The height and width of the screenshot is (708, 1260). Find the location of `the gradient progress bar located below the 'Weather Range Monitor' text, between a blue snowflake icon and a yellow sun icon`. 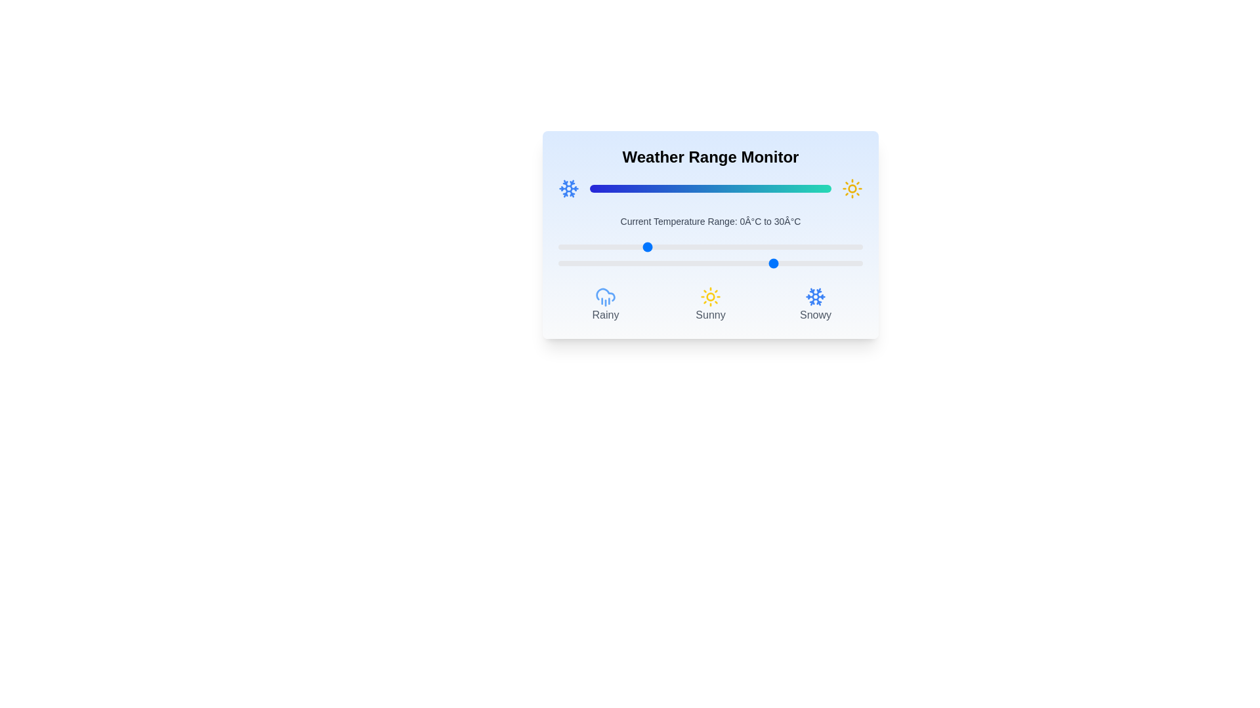

the gradient progress bar located below the 'Weather Range Monitor' text, between a blue snowflake icon and a yellow sun icon is located at coordinates (710, 189).